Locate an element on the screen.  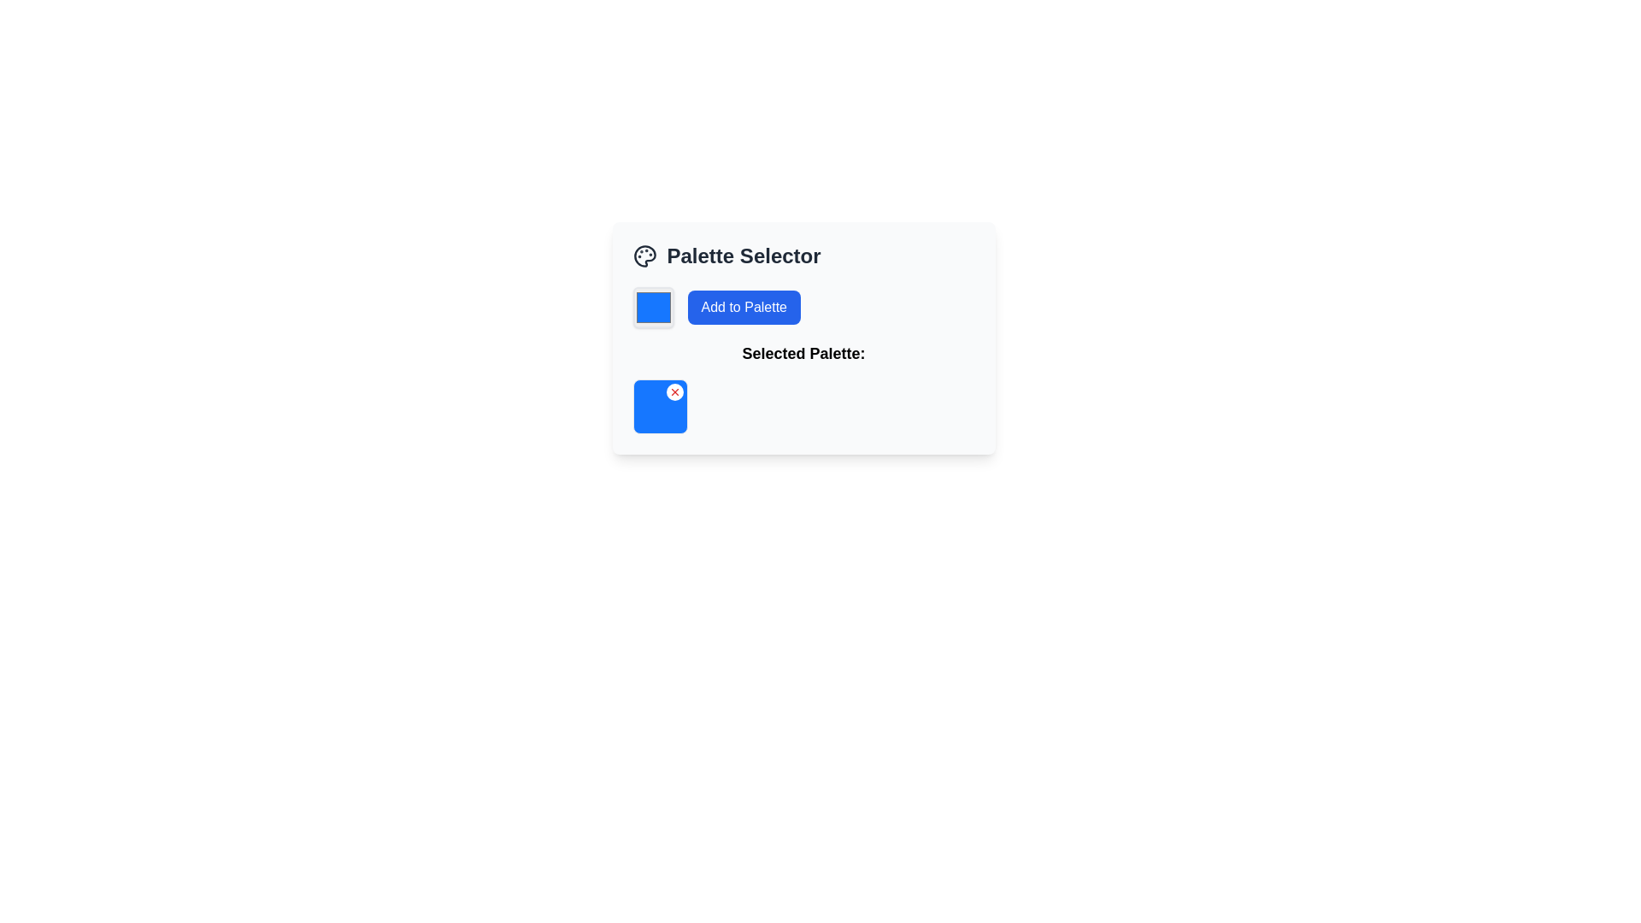
the color picker tile located to the left of the 'Add to Palette' button is located at coordinates (652, 306).